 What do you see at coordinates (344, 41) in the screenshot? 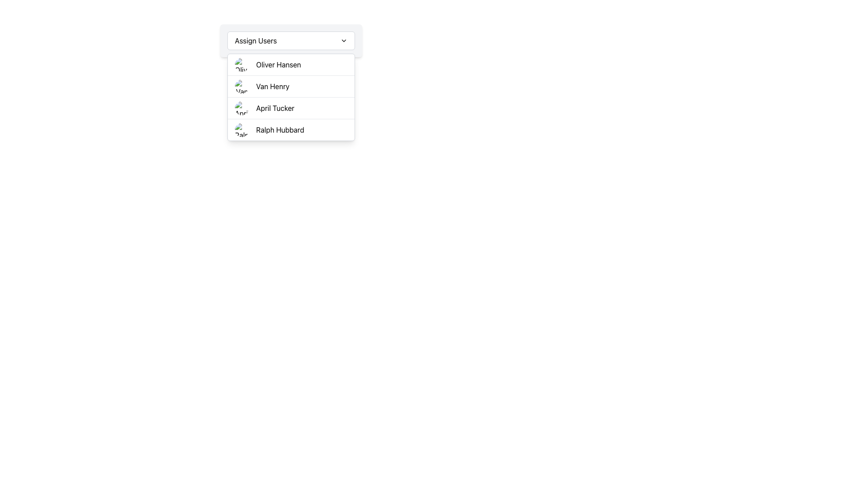
I see `the Dropdown toggle icon at the far-right end of the 'Assign Users' header bar` at bounding box center [344, 41].